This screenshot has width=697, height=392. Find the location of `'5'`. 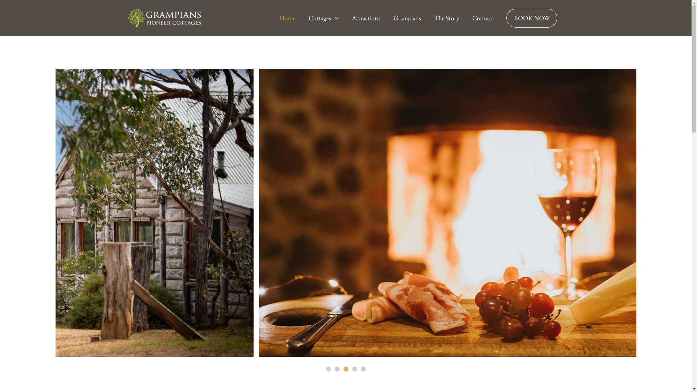

'5' is located at coordinates (363, 369).